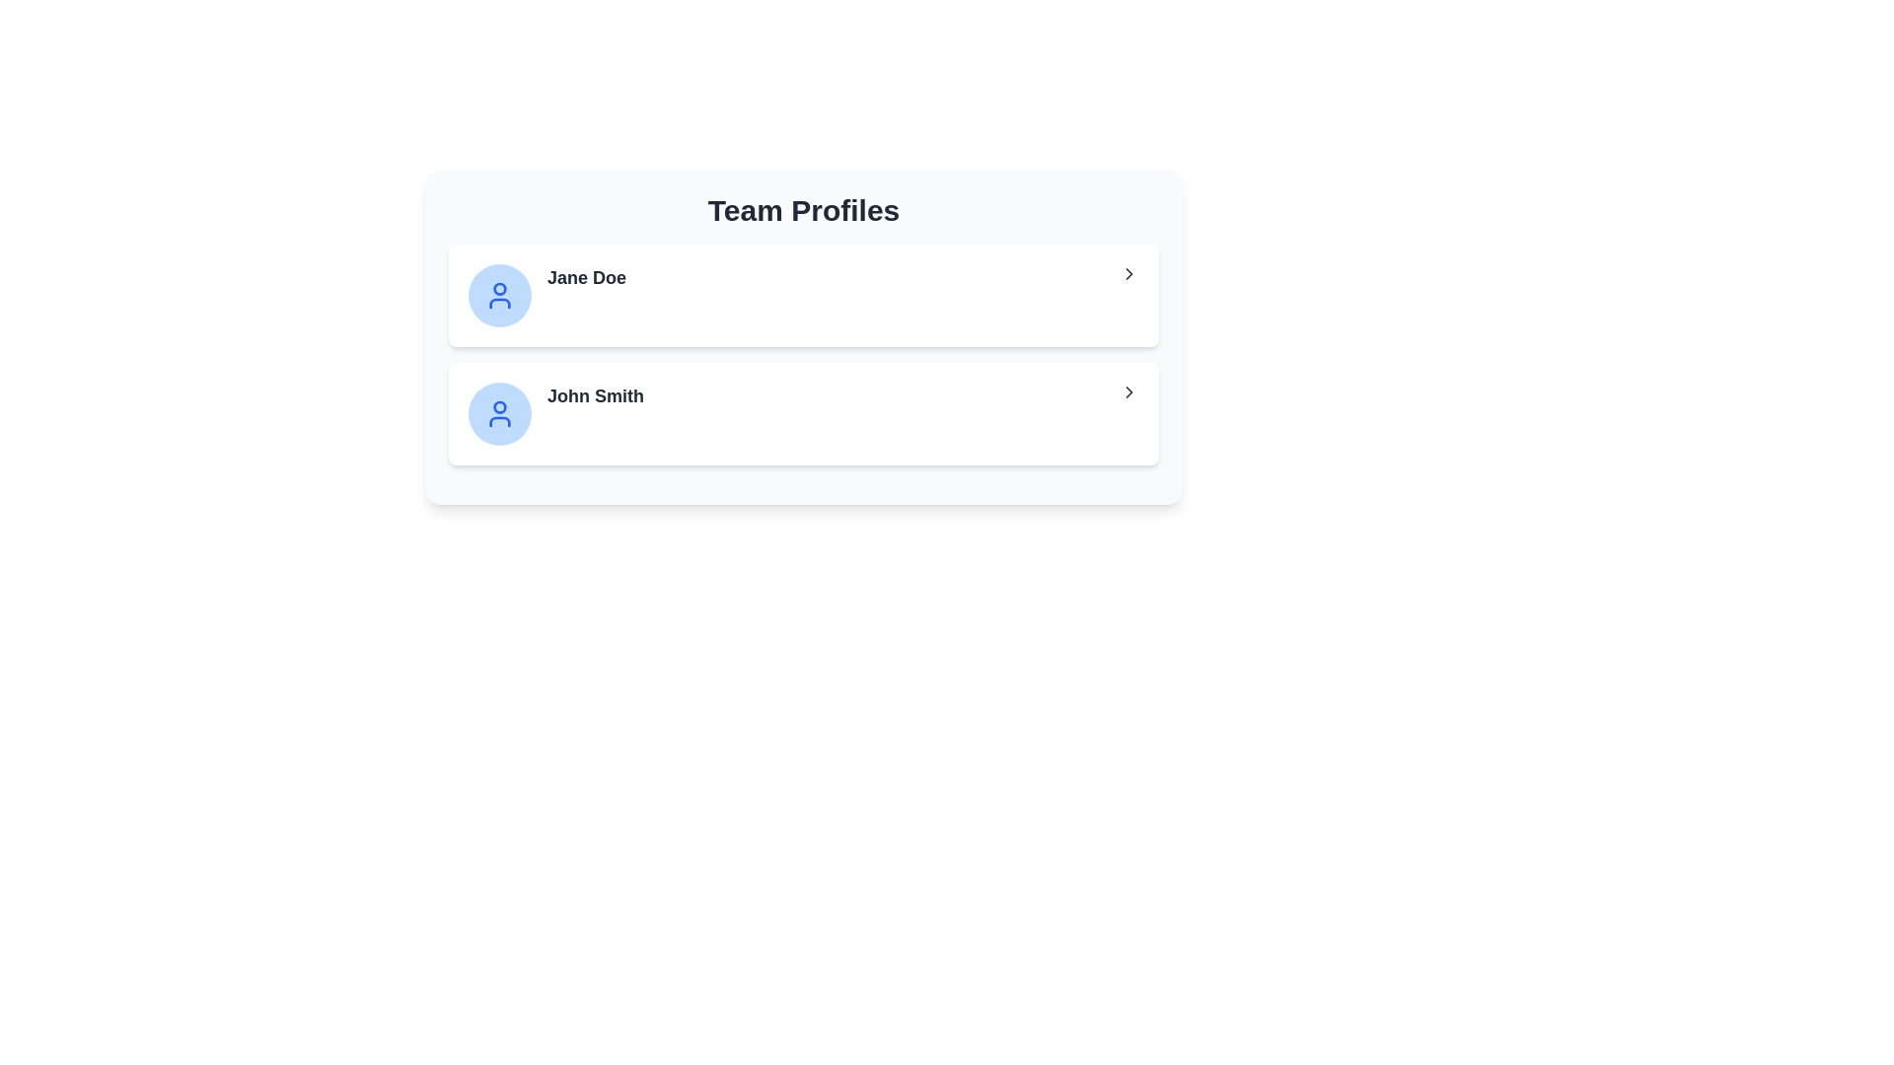 This screenshot has width=1894, height=1065. What do you see at coordinates (500, 413) in the screenshot?
I see `the User Avatar, which is a circular icon with a light blue background and a blue user silhouette, located to the left of the name 'John Smith' in the second row of a list` at bounding box center [500, 413].